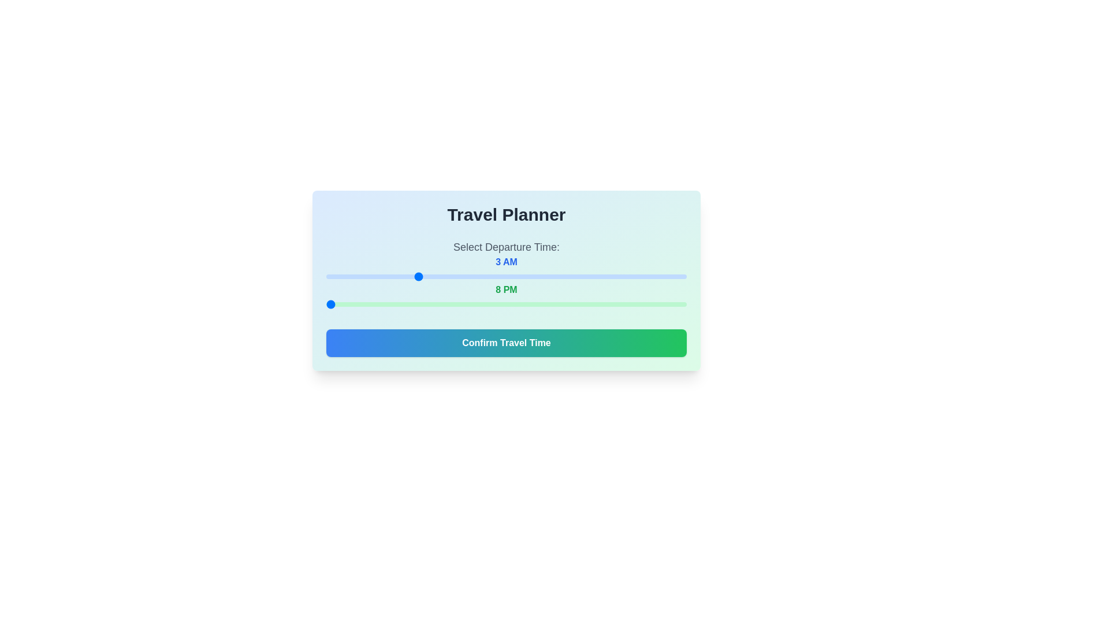  Describe the element at coordinates (536, 276) in the screenshot. I see `departure time` at that location.